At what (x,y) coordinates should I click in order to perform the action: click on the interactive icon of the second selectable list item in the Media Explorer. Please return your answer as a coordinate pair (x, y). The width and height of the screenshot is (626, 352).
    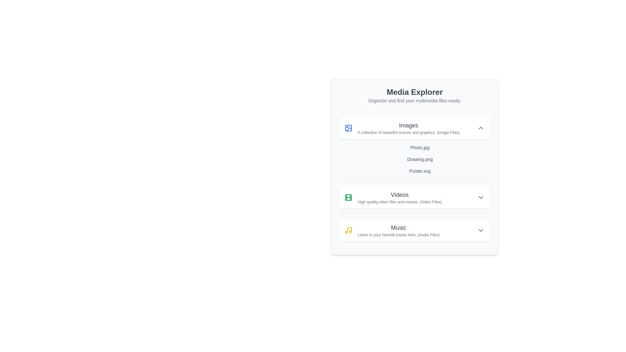
    Looking at the image, I should click on (414, 197).